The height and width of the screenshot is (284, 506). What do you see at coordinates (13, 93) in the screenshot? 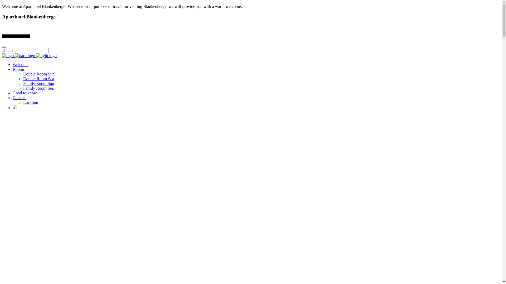
I see `'Good to know'` at bounding box center [13, 93].